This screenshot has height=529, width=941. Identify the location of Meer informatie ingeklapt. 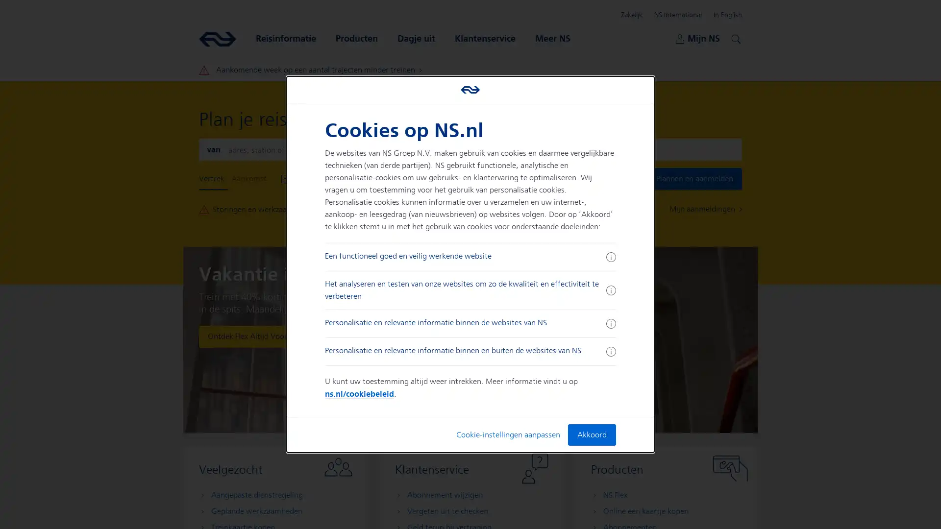
(610, 323).